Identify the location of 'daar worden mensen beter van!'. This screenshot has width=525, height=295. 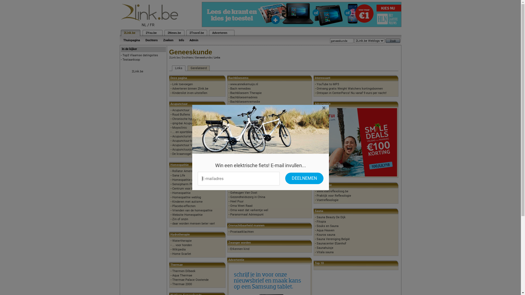
(194, 223).